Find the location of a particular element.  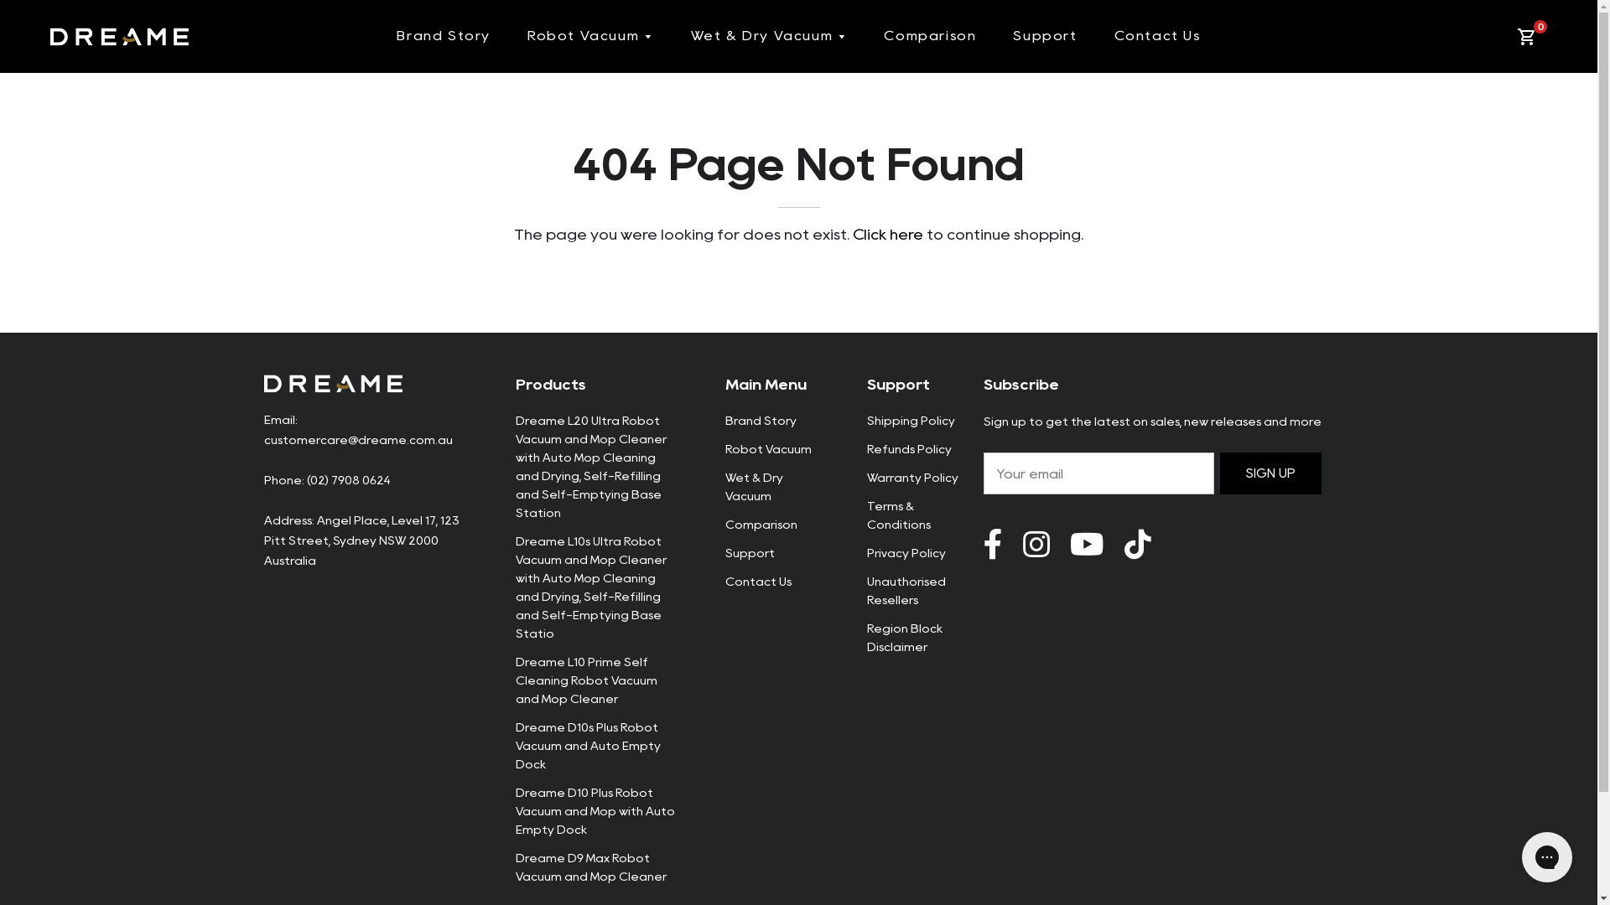

'Brand Story' is located at coordinates (759, 419).